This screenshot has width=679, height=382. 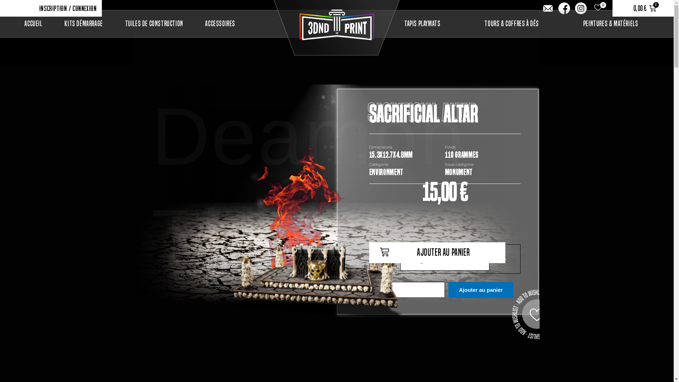 I want to click on 'Ajouter au panier', so click(x=437, y=252).